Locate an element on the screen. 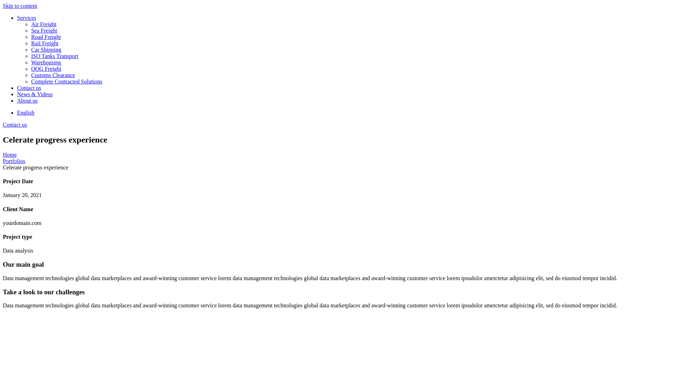 The width and height of the screenshot is (680, 382). 'Contact us' is located at coordinates (17, 88).